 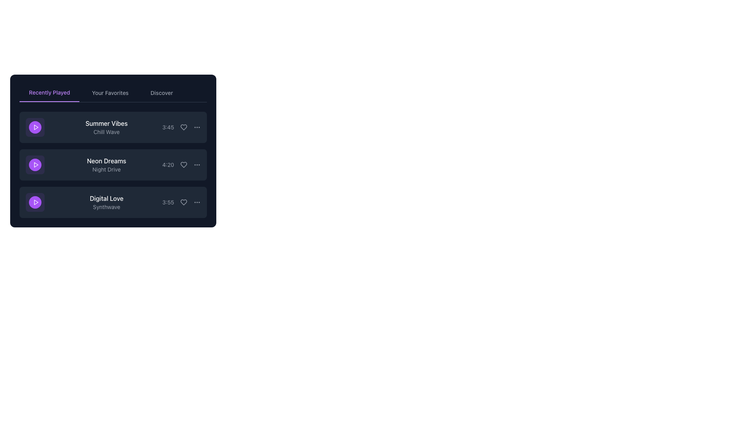 I want to click on the Icon button located to the right of the text '3:45', so click(x=197, y=127).